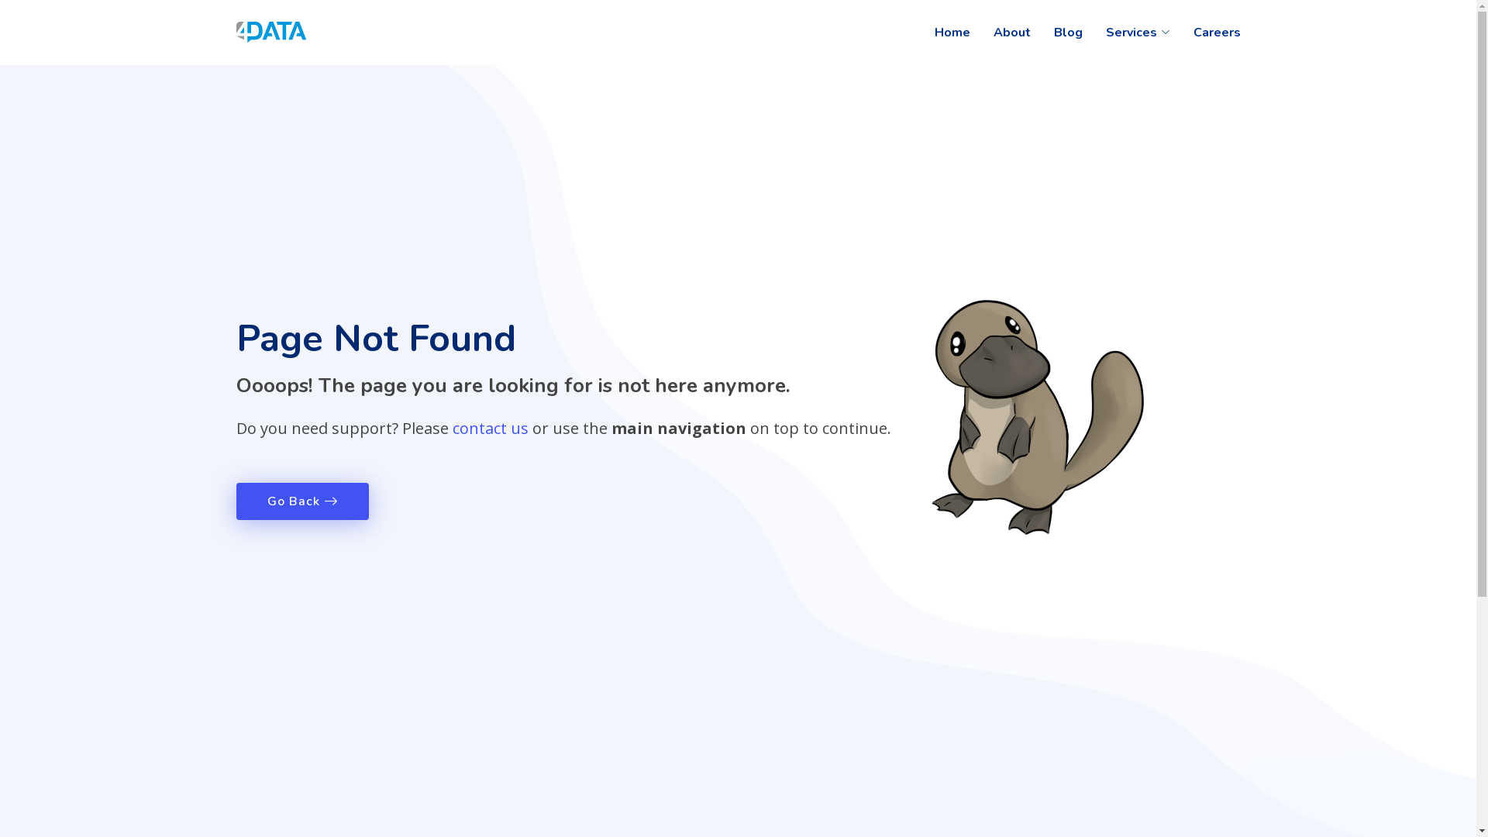 This screenshot has height=837, width=1488. I want to click on 'Careers', so click(1204, 33).